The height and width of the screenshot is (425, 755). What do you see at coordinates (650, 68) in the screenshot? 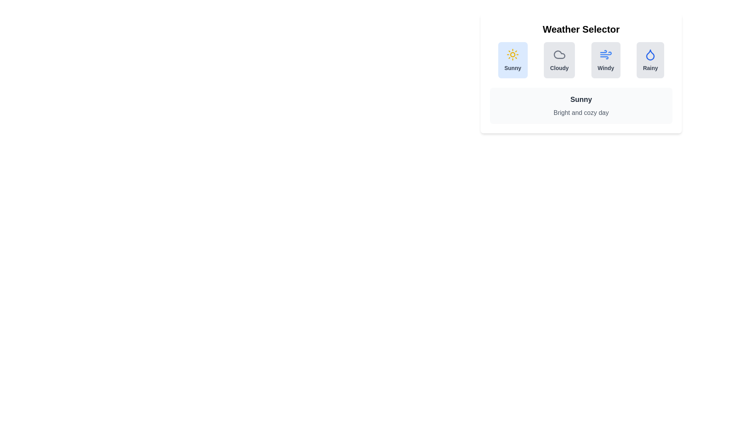
I see `text label displaying 'Rainy' in bold gray font located below the blue droplet icon in the rightmost weather card` at bounding box center [650, 68].